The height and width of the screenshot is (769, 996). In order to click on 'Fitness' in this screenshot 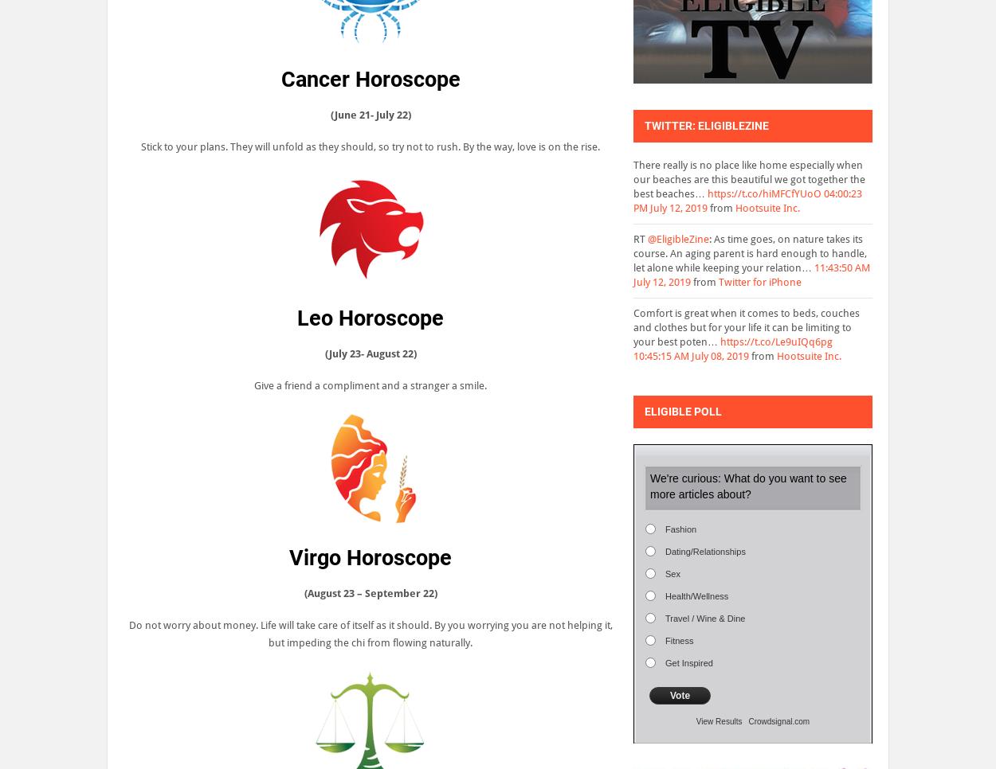, I will do `click(678, 640)`.